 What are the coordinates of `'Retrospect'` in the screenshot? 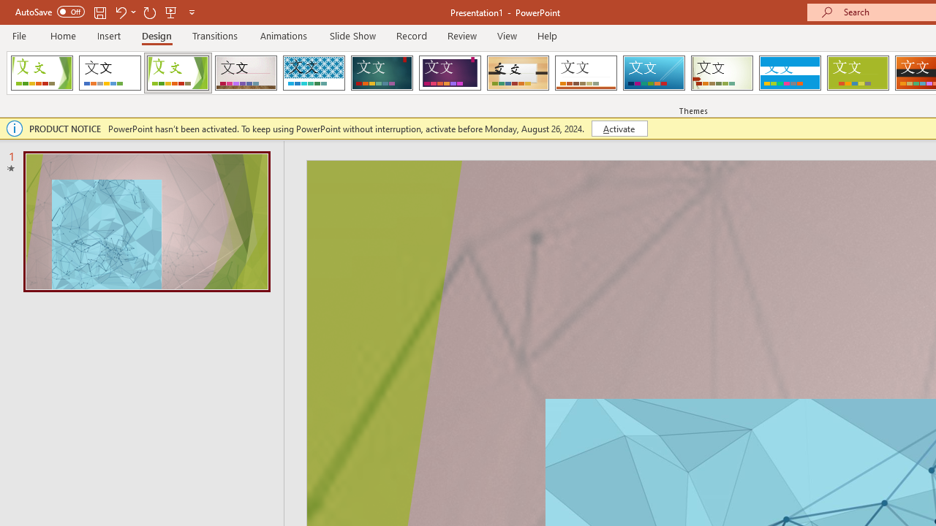 It's located at (586, 73).